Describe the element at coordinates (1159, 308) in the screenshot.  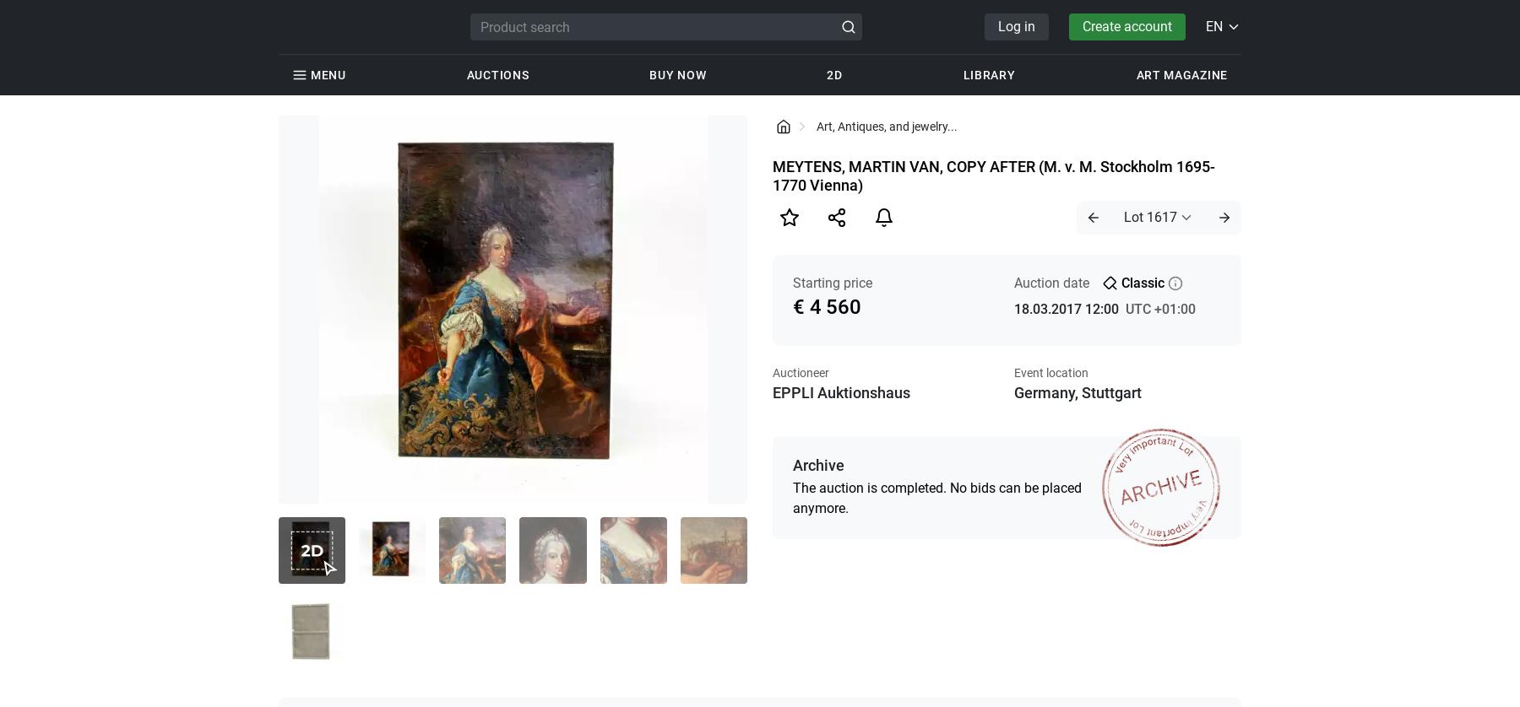
I see `'UTC +01:00'` at that location.